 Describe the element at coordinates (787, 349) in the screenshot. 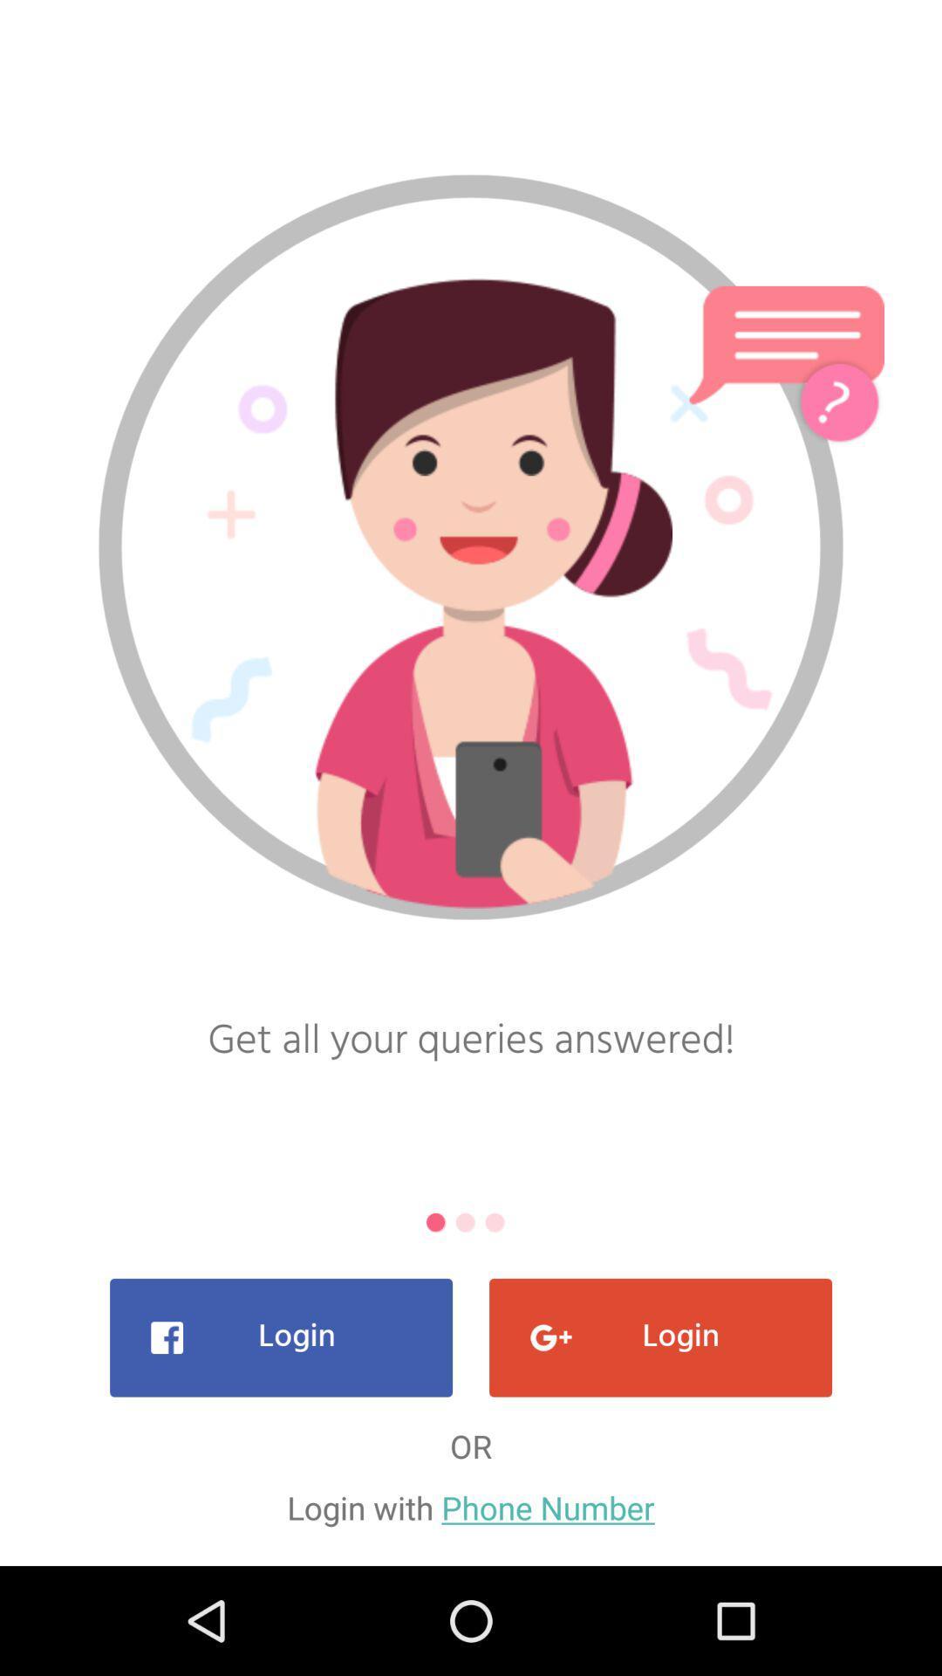

I see `the chat option in the image` at that location.